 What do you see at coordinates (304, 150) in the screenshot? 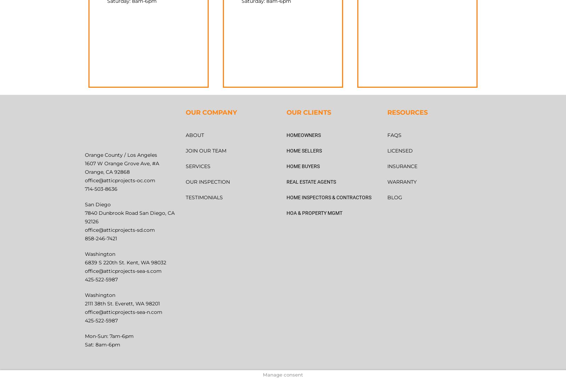
I see `'HOME SELLERS'` at bounding box center [304, 150].